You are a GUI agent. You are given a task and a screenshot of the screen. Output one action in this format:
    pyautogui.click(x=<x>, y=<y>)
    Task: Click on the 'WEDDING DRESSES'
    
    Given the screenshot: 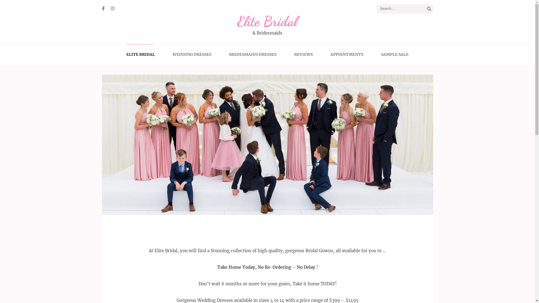 What is the action you would take?
    pyautogui.click(x=192, y=54)
    